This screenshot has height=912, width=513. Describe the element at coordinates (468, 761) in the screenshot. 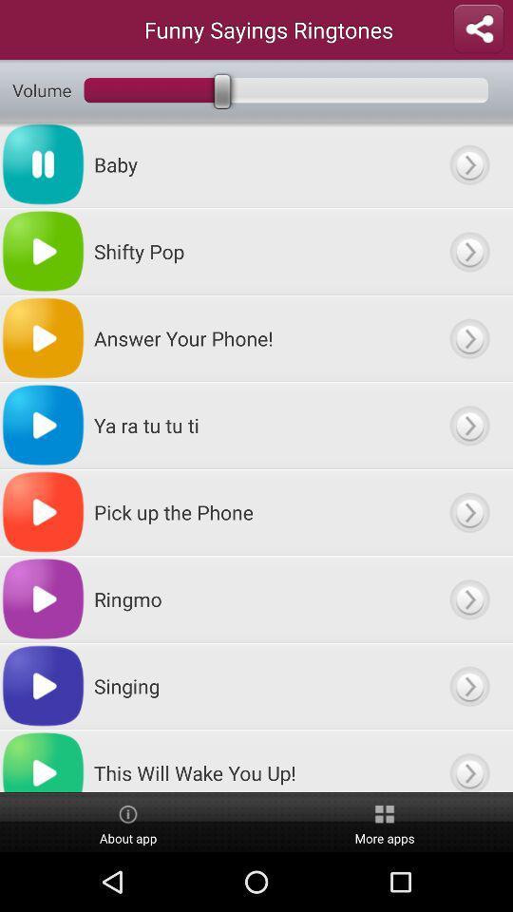

I see `open alarm sound` at that location.